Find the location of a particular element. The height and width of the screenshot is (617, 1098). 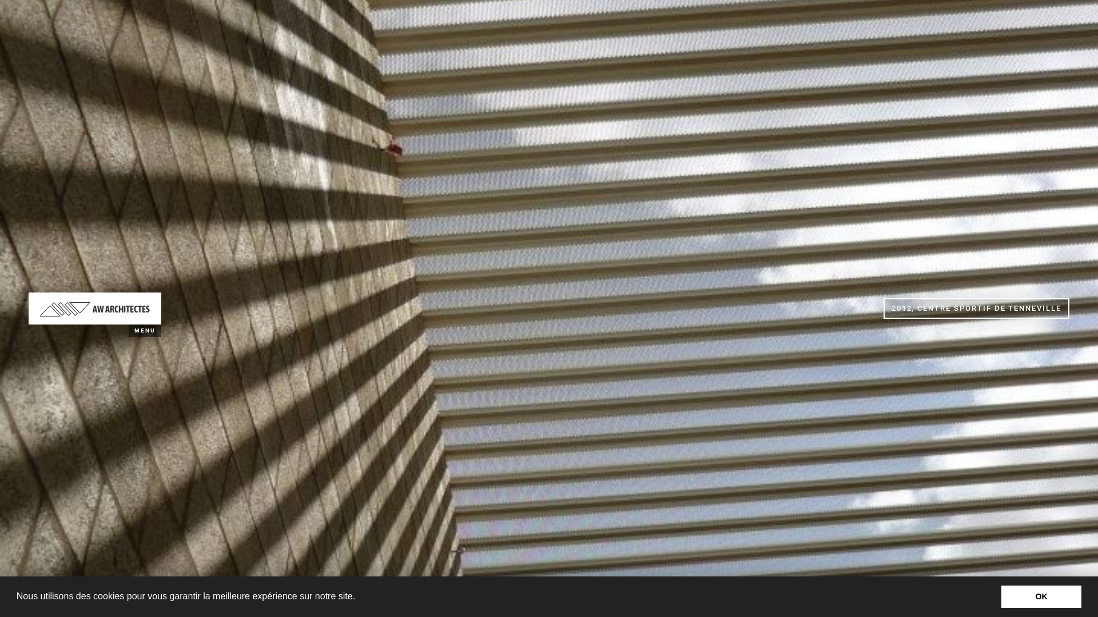

'AW ARCHITECTES' is located at coordinates (95, 308).